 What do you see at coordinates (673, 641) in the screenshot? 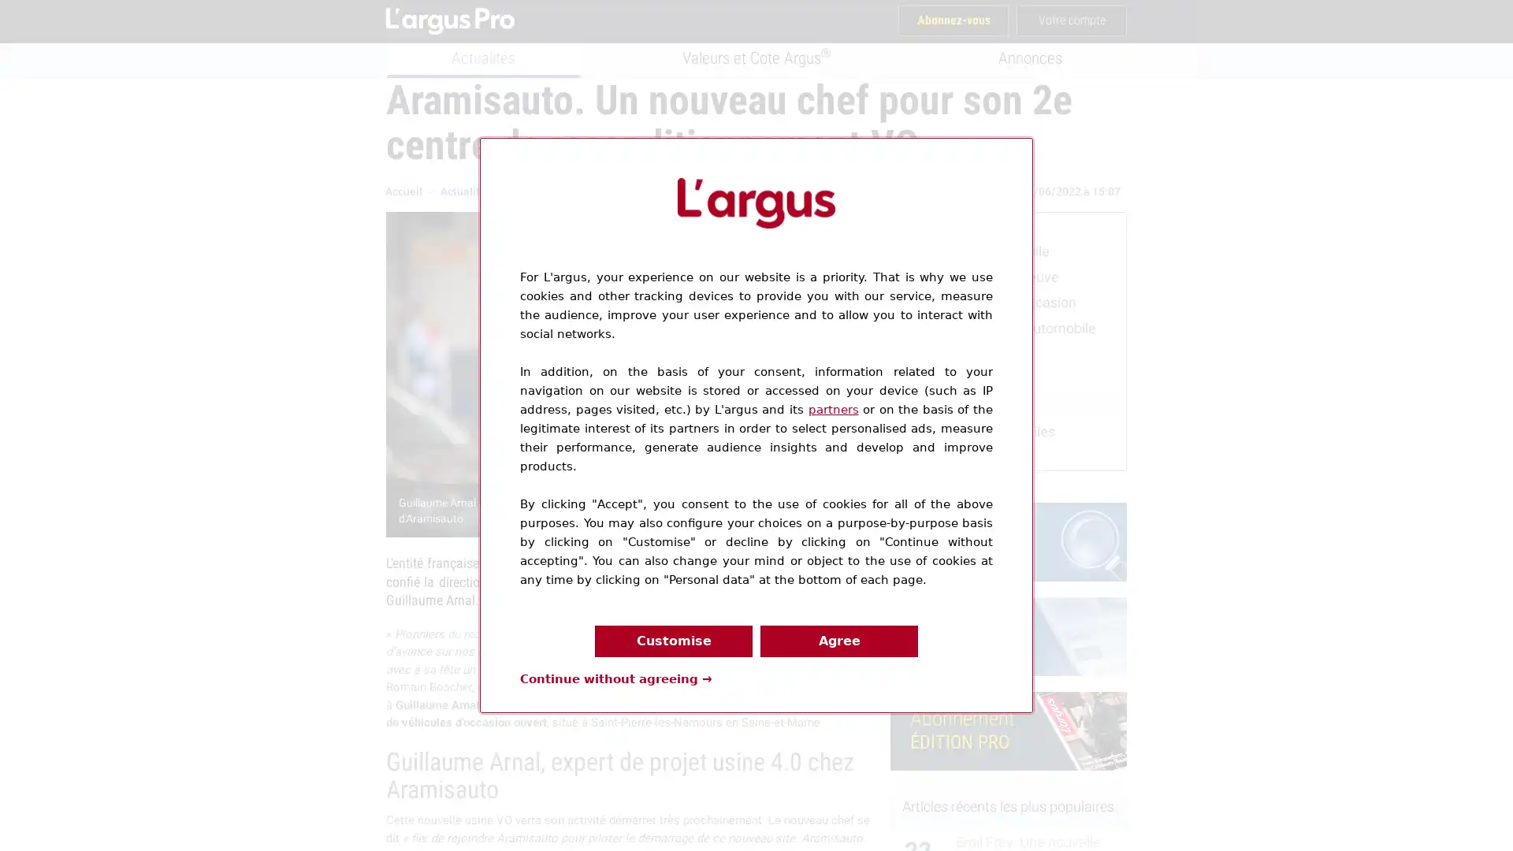
I see `Configure your consents` at bounding box center [673, 641].